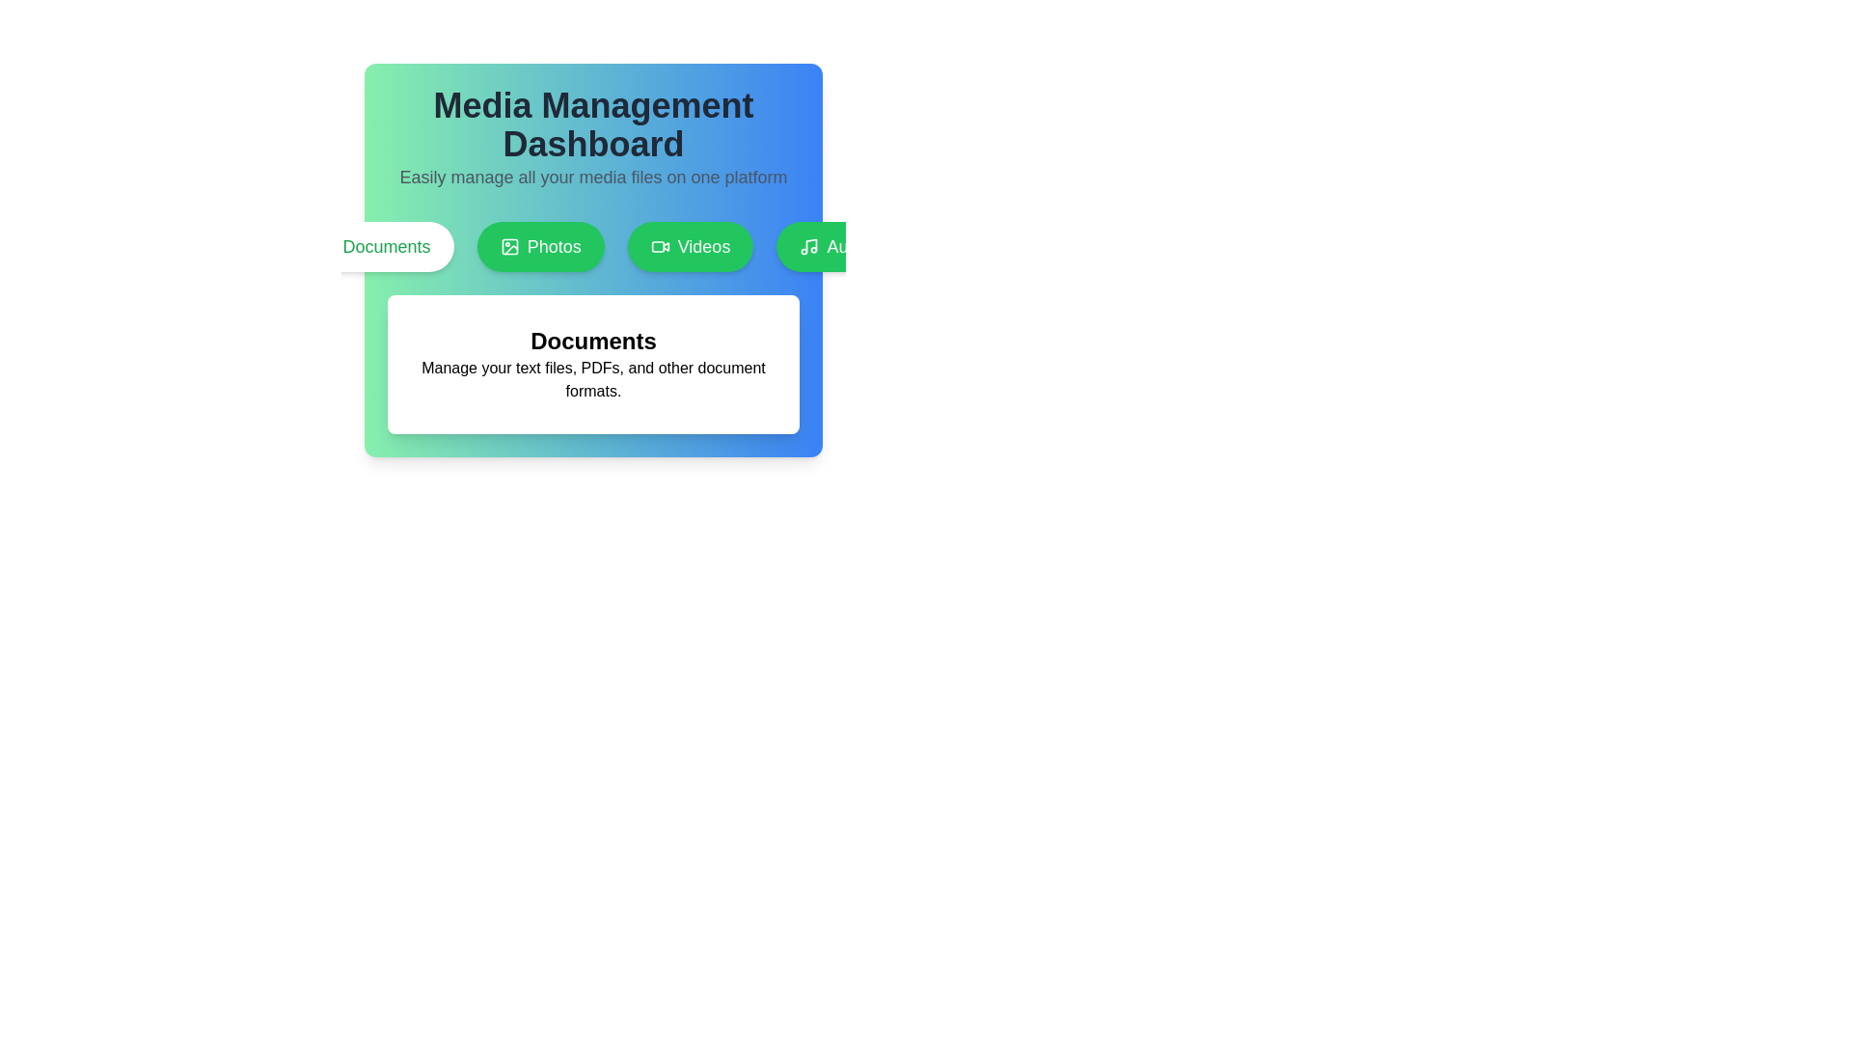  Describe the element at coordinates (690, 245) in the screenshot. I see `the green, rounded 'Videos' button with a white video camera icon` at that location.